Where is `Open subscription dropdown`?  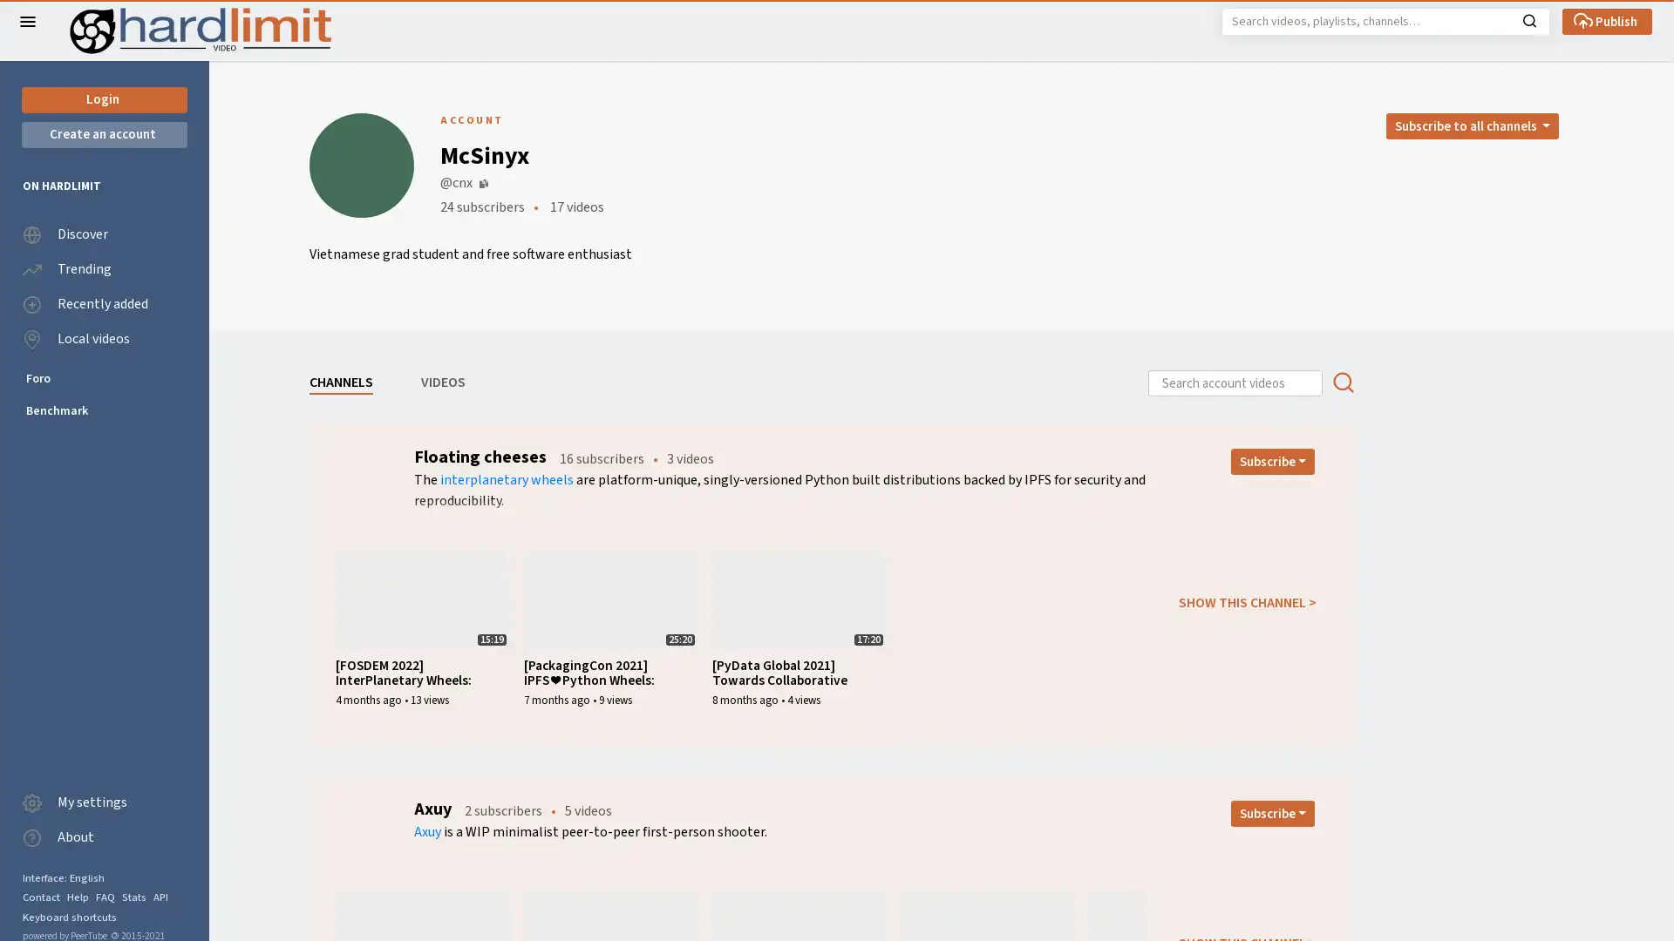
Open subscription dropdown is located at coordinates (1272, 813).